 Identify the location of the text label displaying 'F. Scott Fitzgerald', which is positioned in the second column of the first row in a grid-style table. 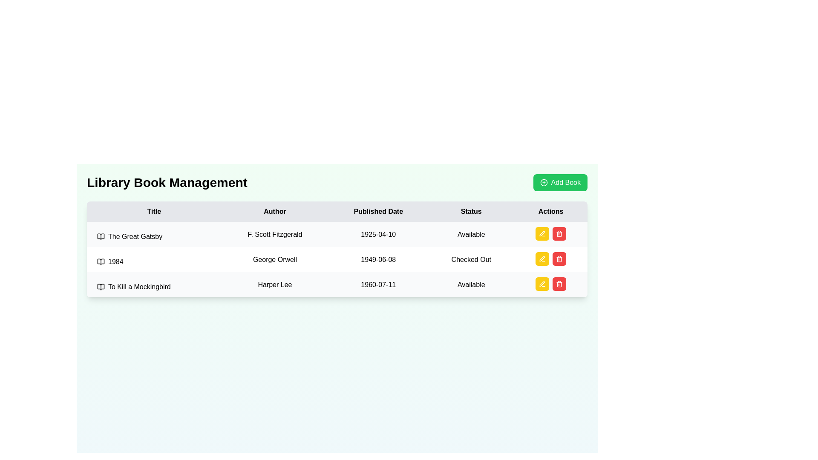
(275, 234).